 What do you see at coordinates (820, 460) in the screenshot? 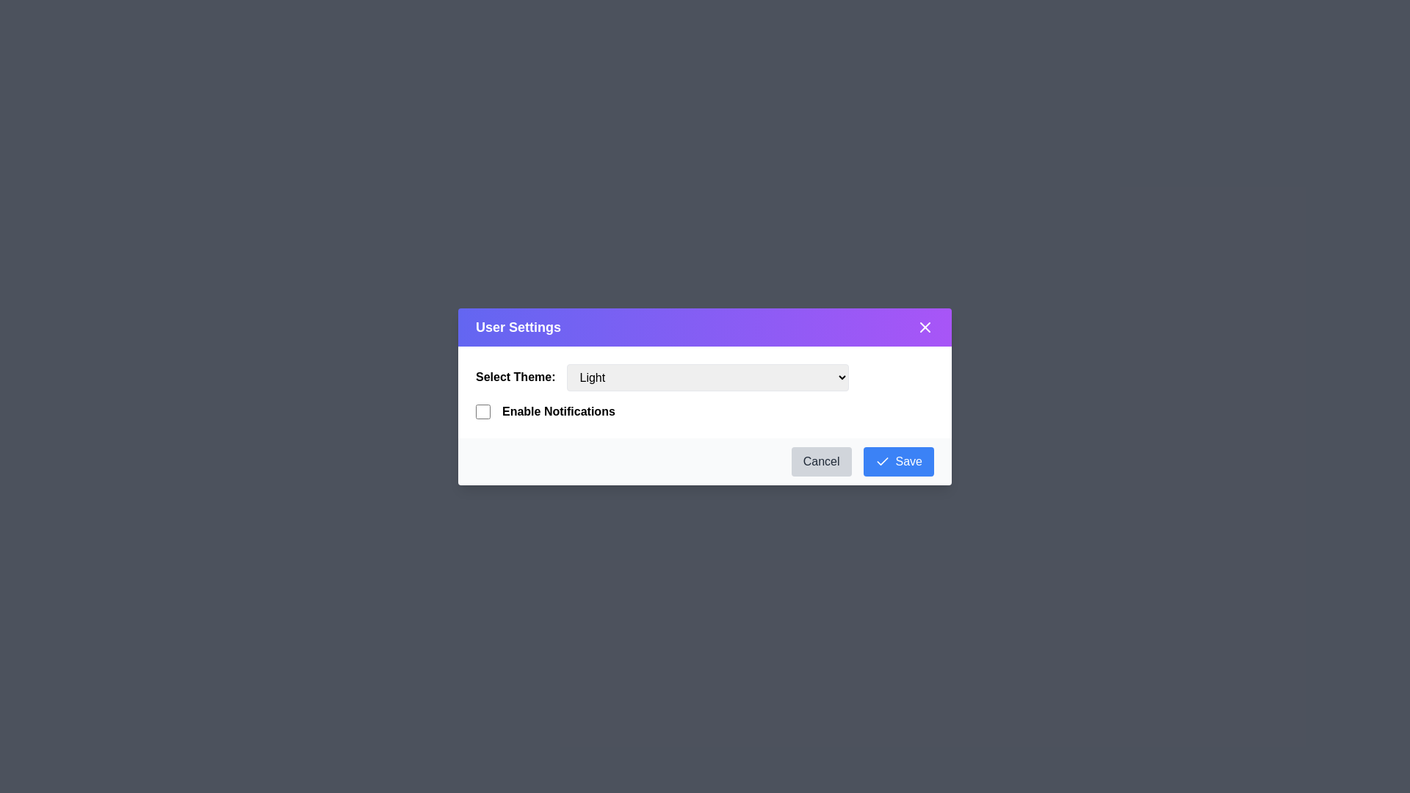
I see `the 'Cancel' button to close the dialog` at bounding box center [820, 460].